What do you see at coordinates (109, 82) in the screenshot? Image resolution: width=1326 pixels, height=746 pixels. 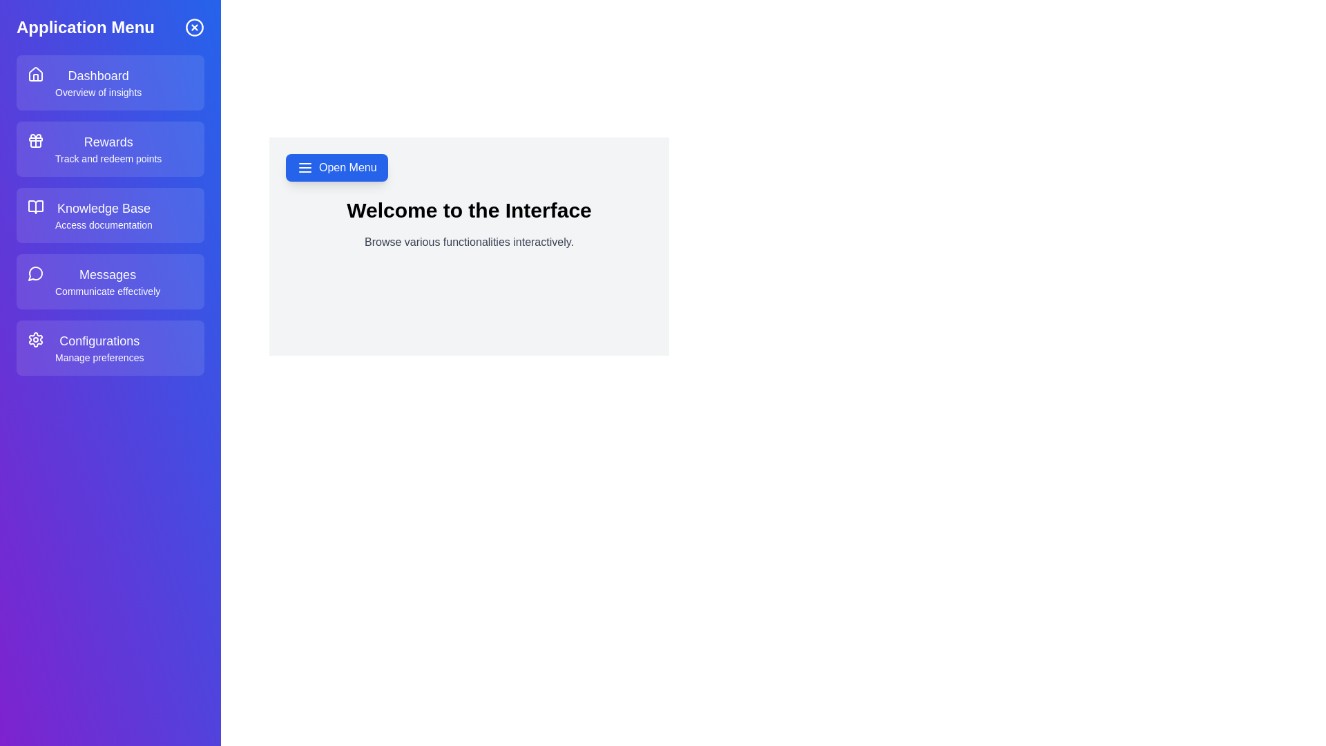 I see `the menu item labeled Dashboard` at bounding box center [109, 82].